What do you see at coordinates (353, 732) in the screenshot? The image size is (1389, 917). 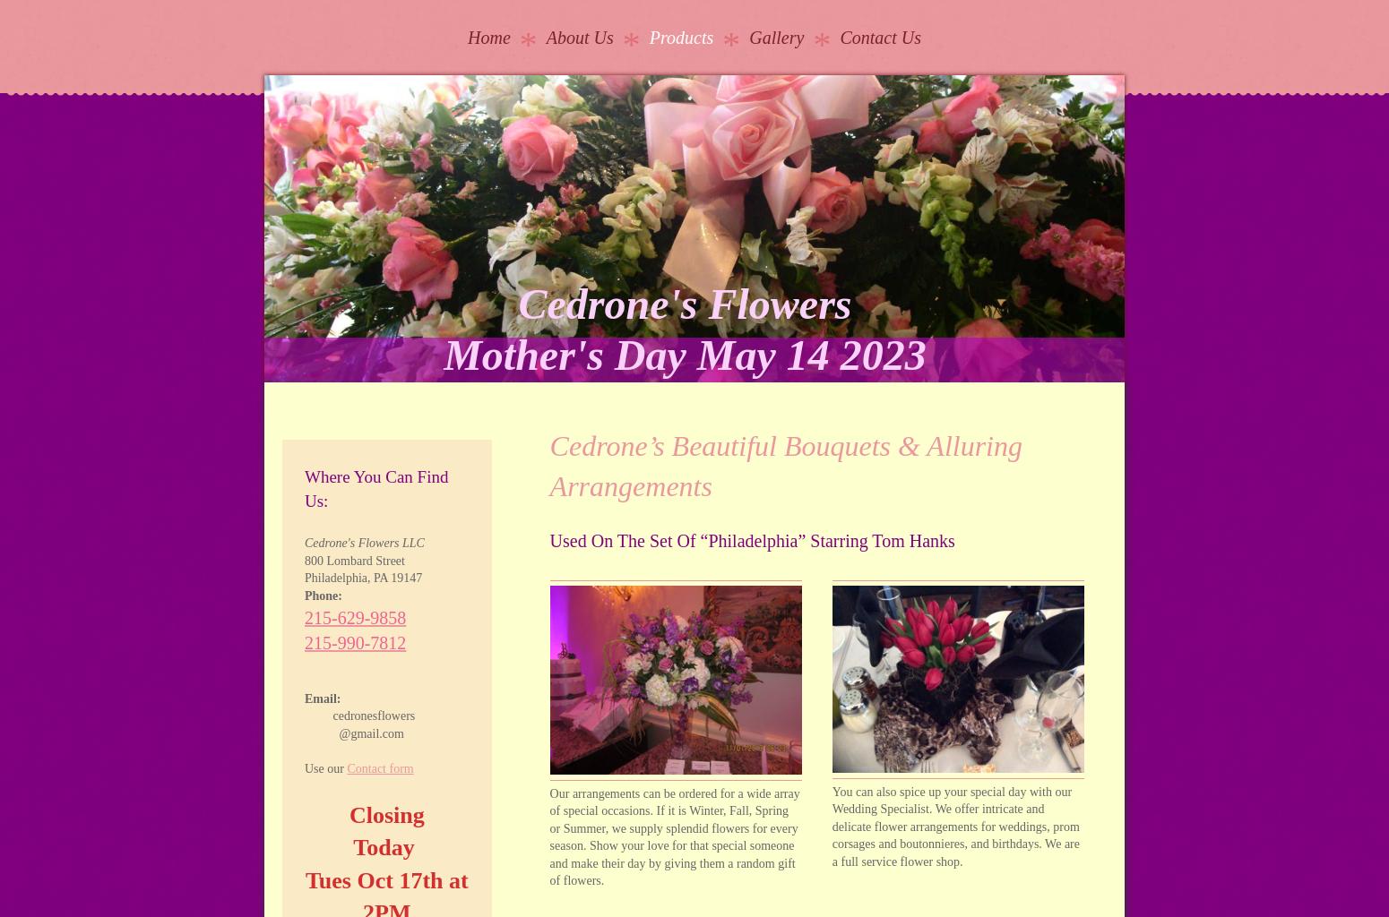 I see `'@gmail.com'` at bounding box center [353, 732].